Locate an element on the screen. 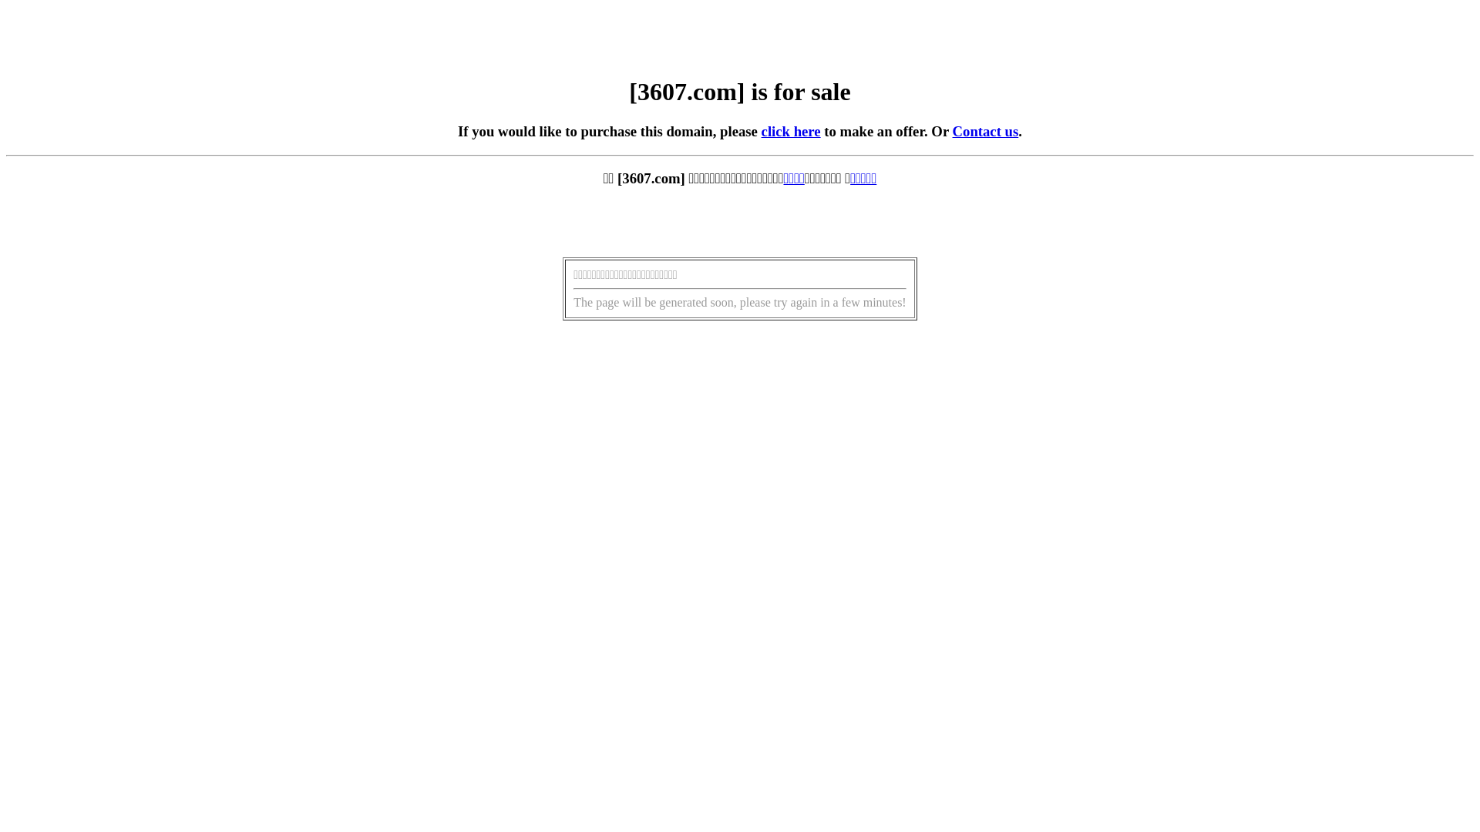 The width and height of the screenshot is (1480, 832). 'Contact us' is located at coordinates (984, 130).